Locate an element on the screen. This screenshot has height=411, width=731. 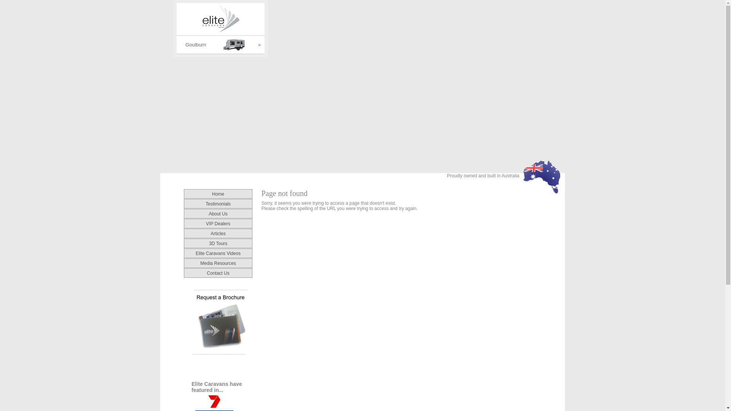
'Articles' is located at coordinates (217, 233).